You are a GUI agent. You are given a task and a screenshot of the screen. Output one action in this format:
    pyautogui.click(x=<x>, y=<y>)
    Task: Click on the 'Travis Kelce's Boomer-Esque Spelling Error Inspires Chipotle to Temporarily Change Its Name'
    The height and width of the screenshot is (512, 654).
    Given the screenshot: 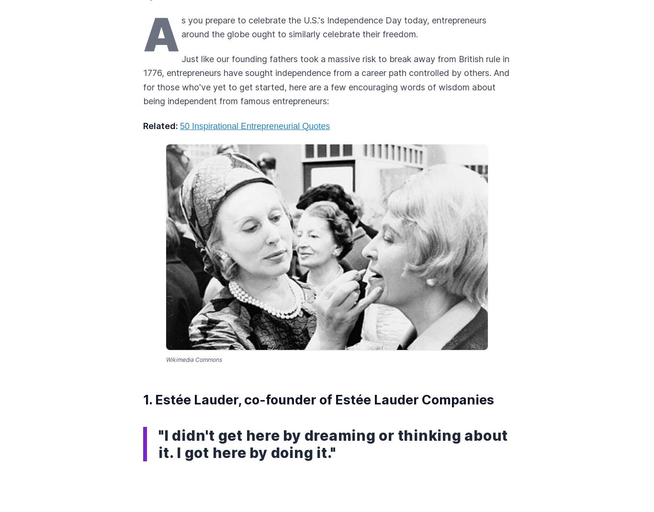 What is the action you would take?
    pyautogui.click(x=143, y=198)
    